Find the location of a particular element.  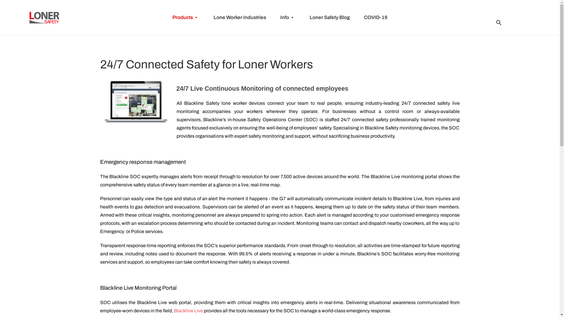

'Lone Worker Service Plan from Blackline Safety' is located at coordinates (135, 103).